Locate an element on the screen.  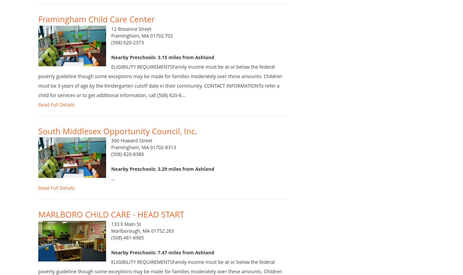
'(508) 620-2373' is located at coordinates (127, 52).